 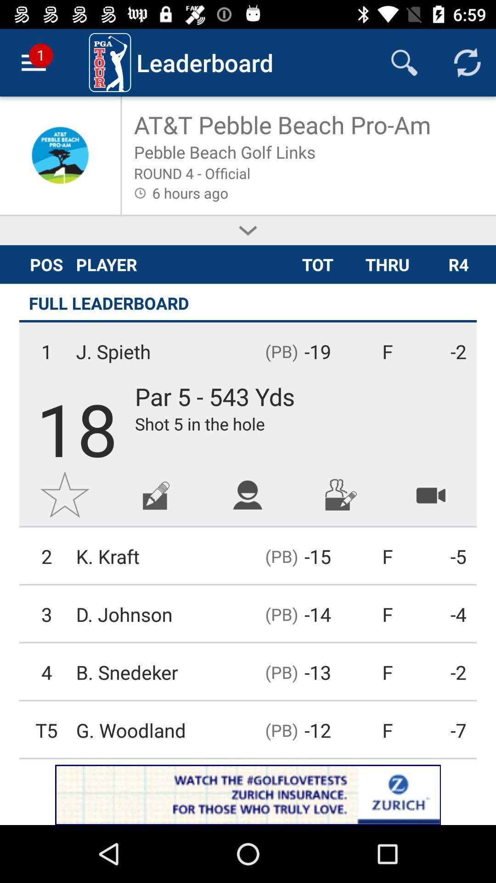 I want to click on open type box, so click(x=156, y=494).